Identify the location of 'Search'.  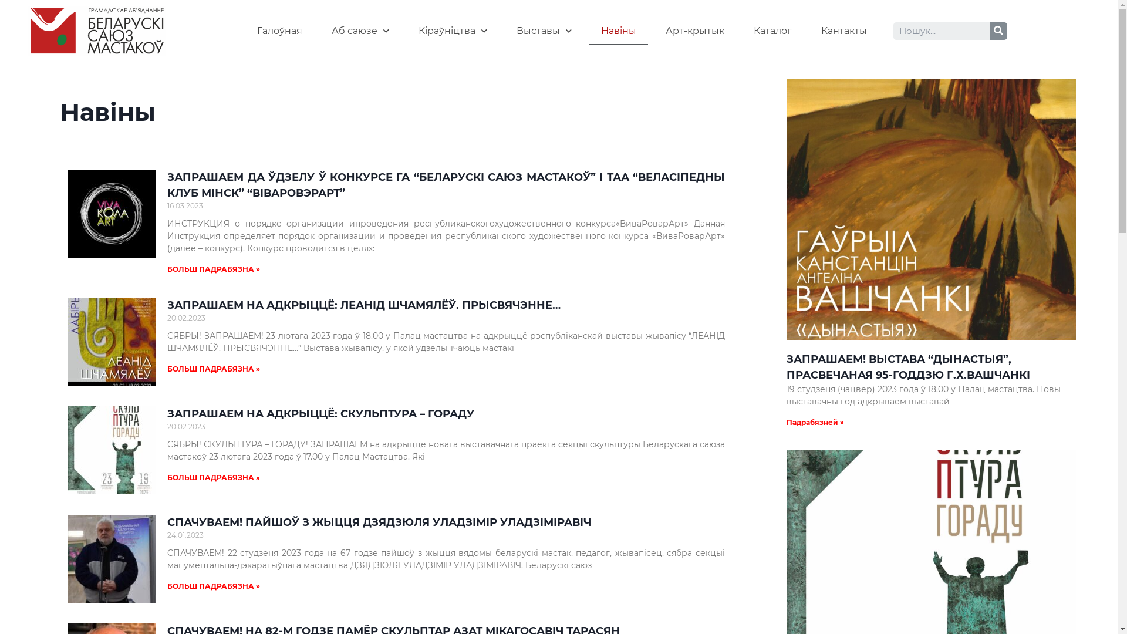
(941, 31).